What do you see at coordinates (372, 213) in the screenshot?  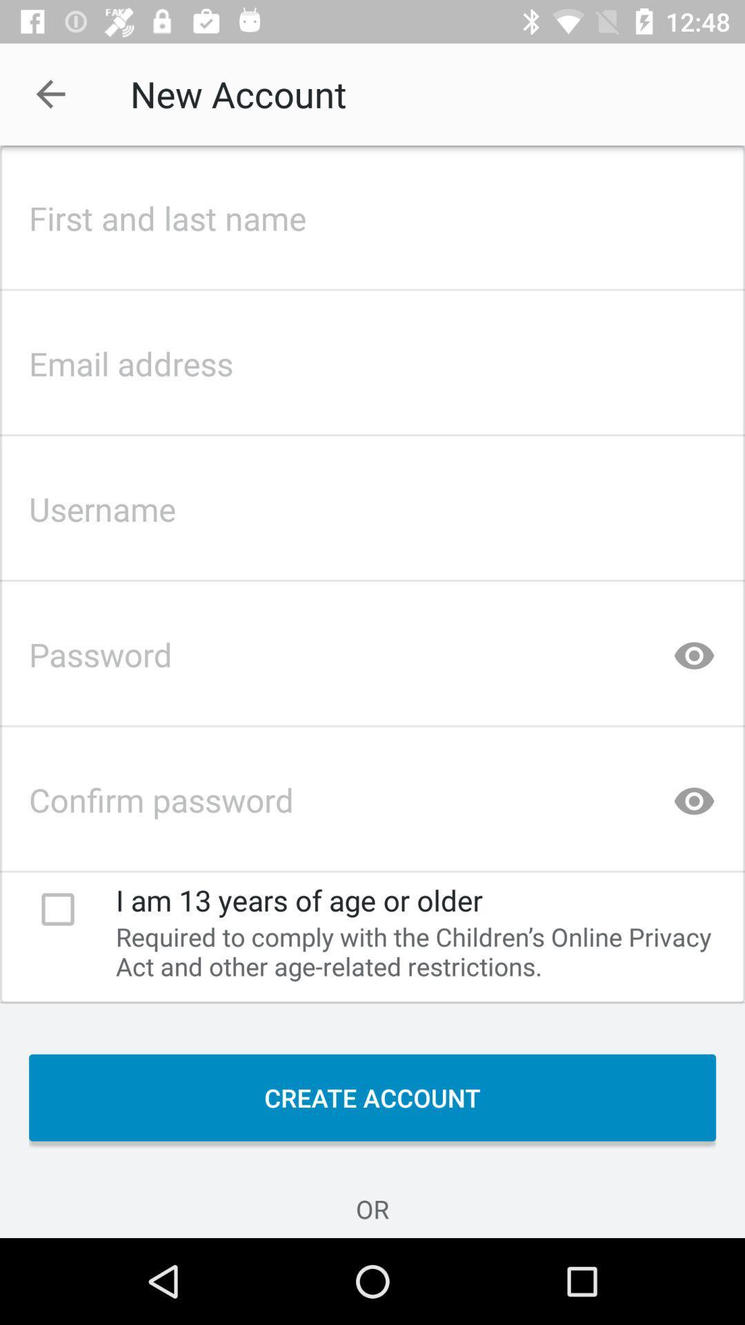 I see `create account` at bounding box center [372, 213].